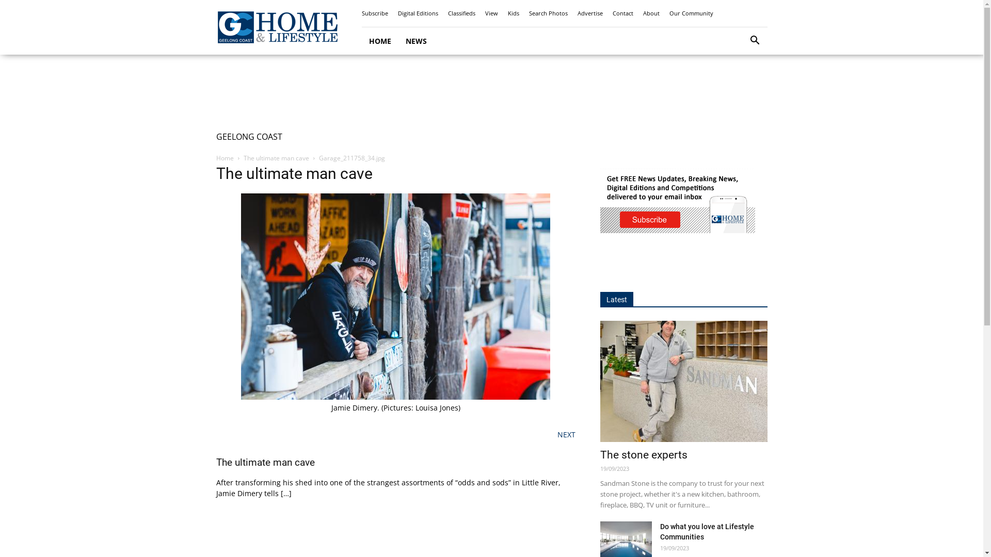  Describe the element at coordinates (566, 434) in the screenshot. I see `'NEXT'` at that location.